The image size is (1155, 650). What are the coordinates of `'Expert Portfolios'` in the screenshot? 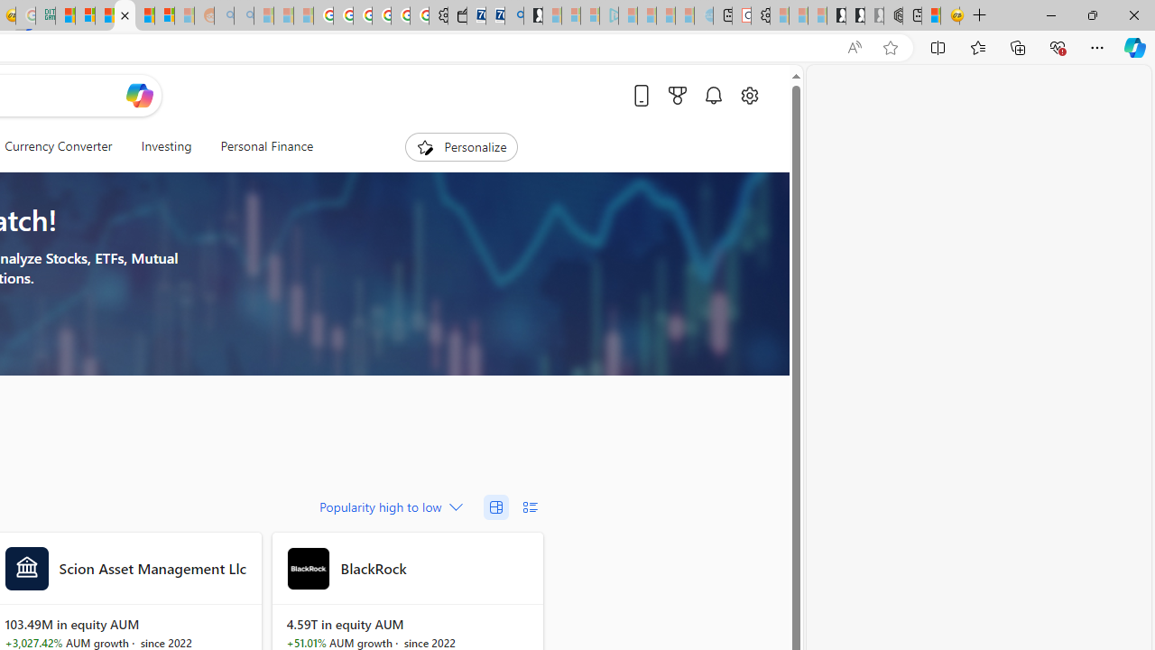 It's located at (124, 15).